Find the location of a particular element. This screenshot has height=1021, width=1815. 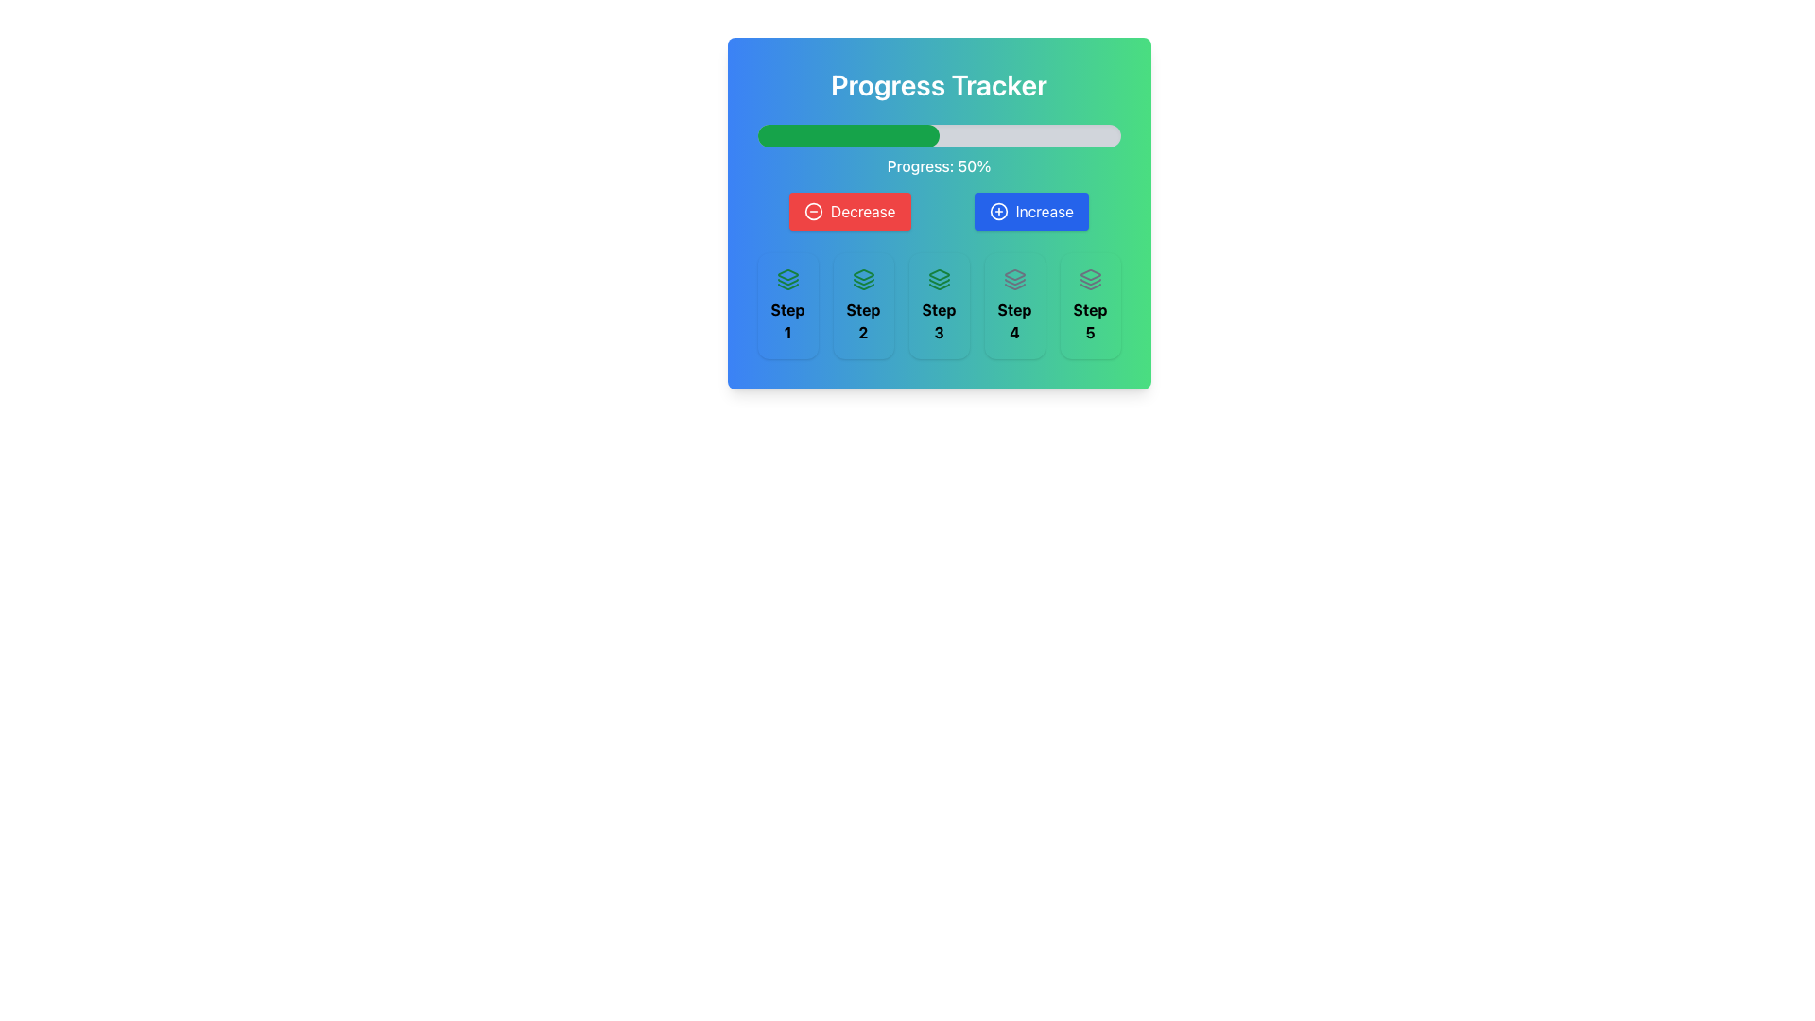

the Informational Display element that features an icon resembling stacked layers above the text 'Step 1', which is located in a light blue-green rounded rectangle is located at coordinates (787, 305).